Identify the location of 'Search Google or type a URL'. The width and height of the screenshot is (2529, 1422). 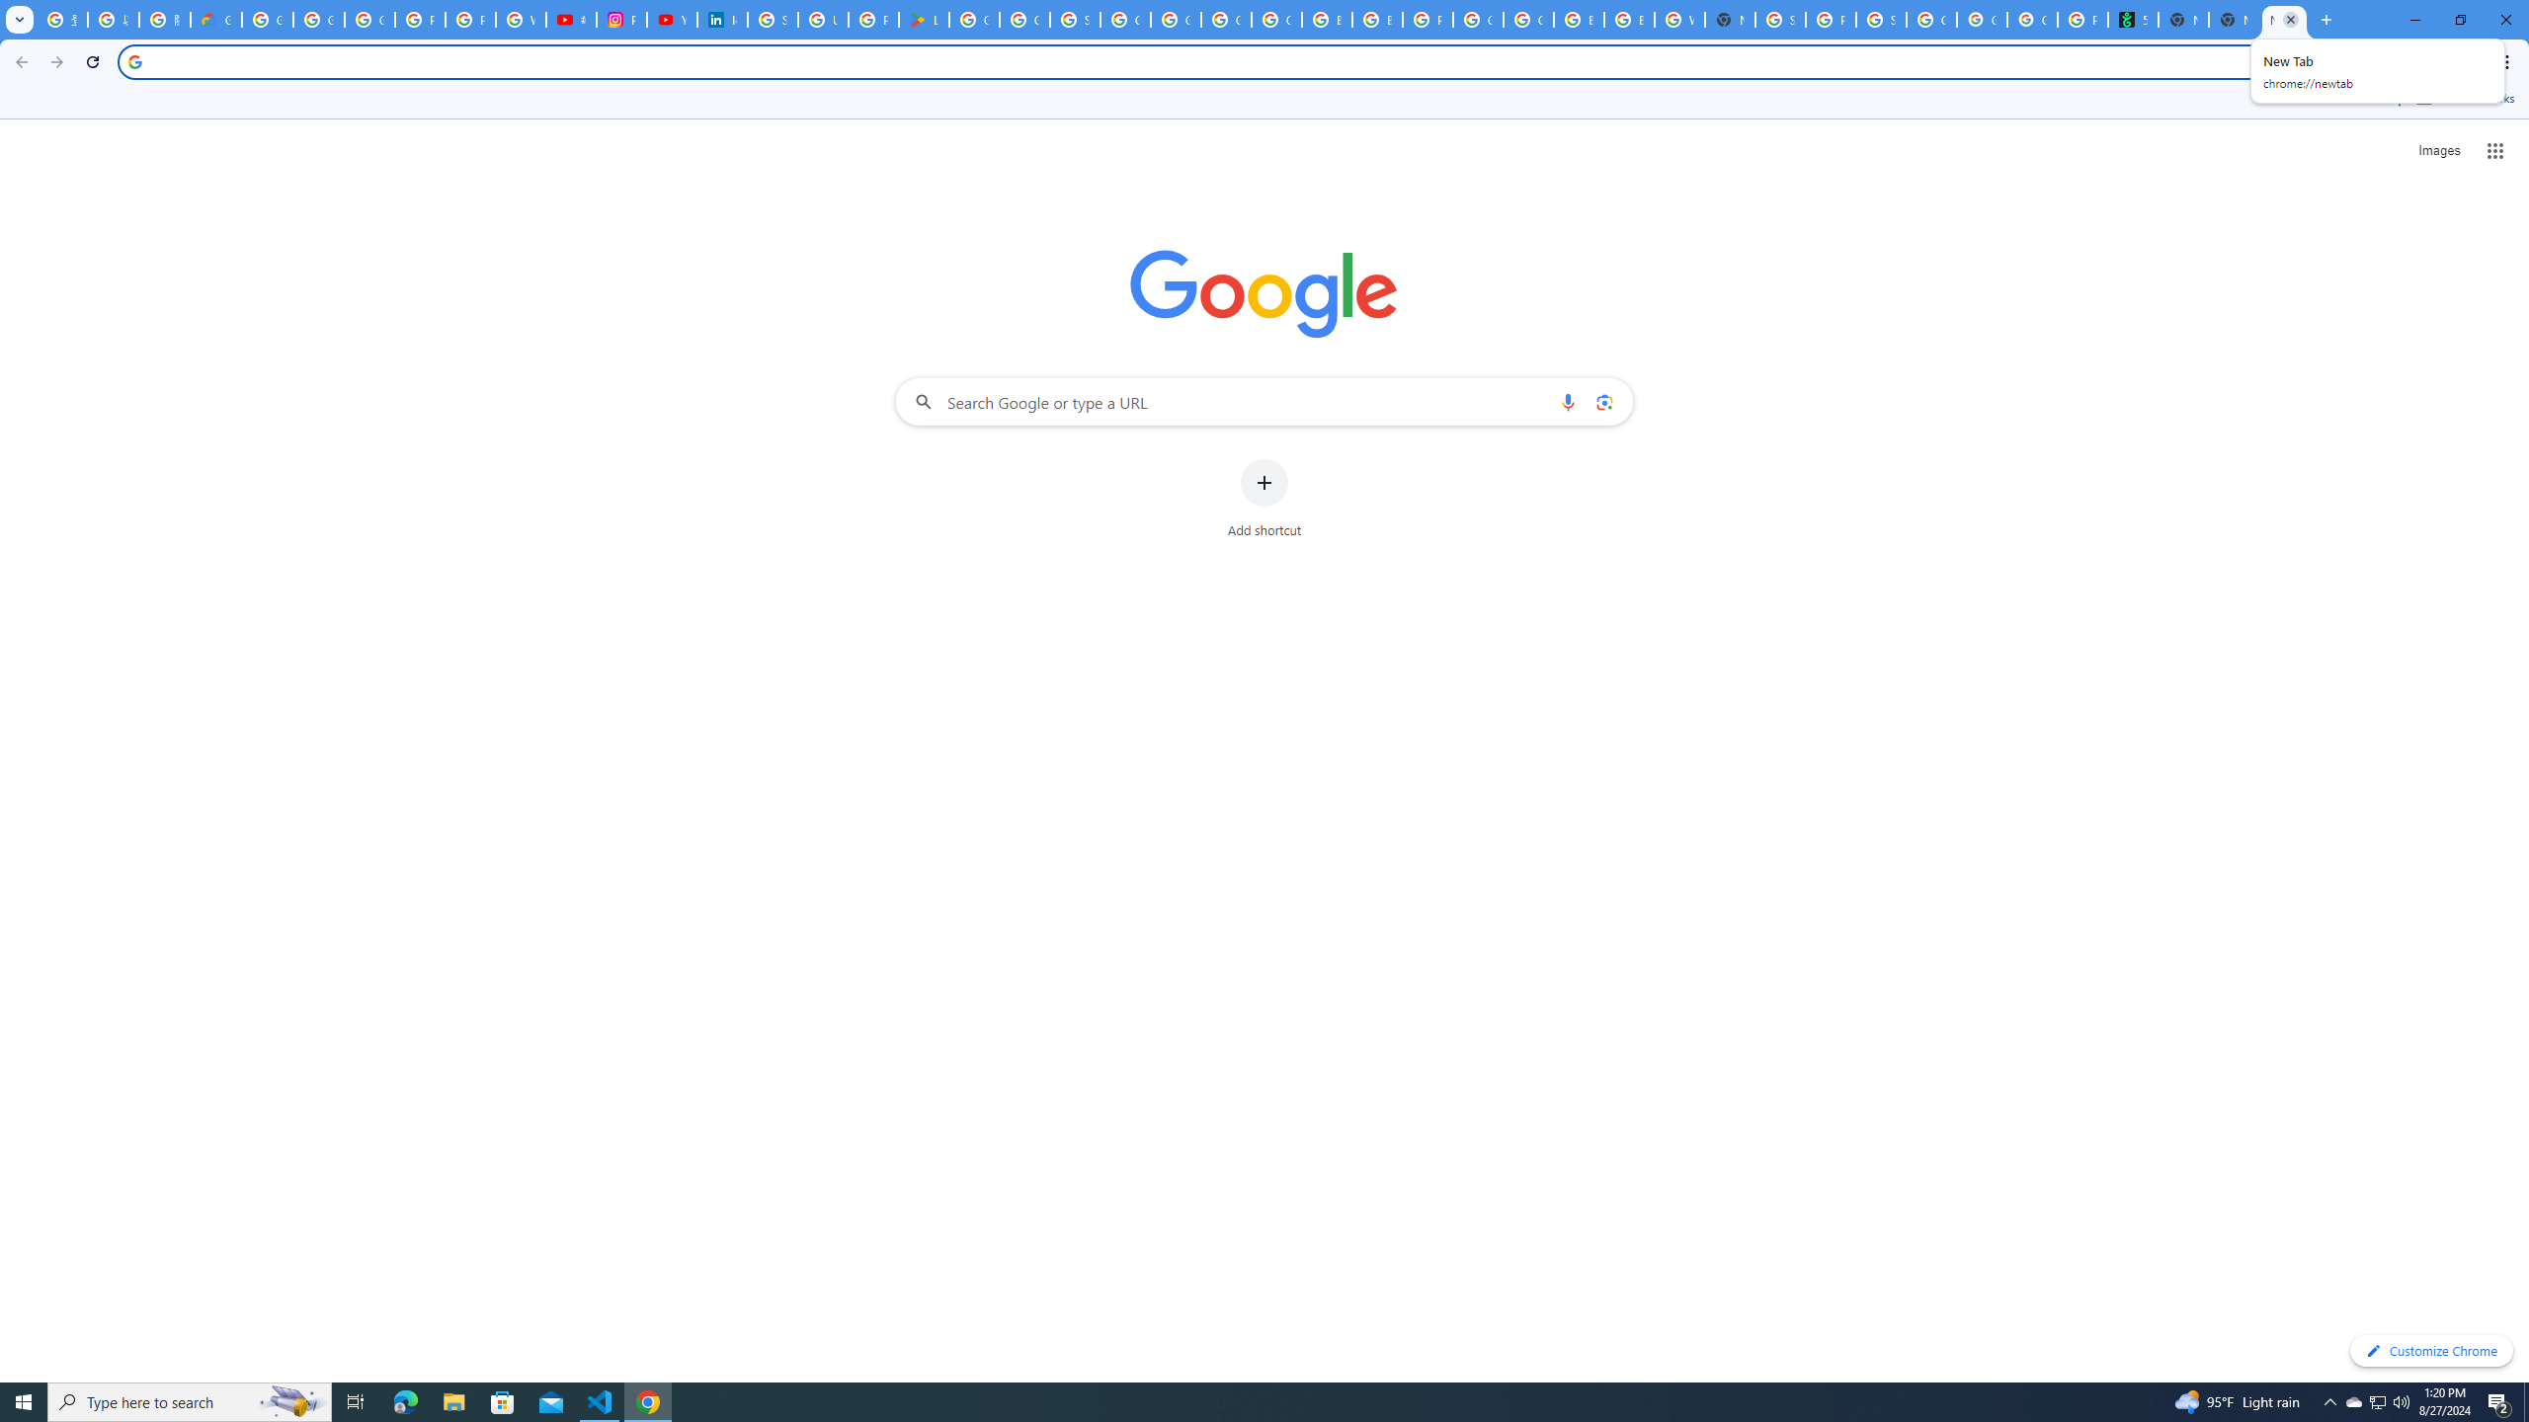
(1264, 400).